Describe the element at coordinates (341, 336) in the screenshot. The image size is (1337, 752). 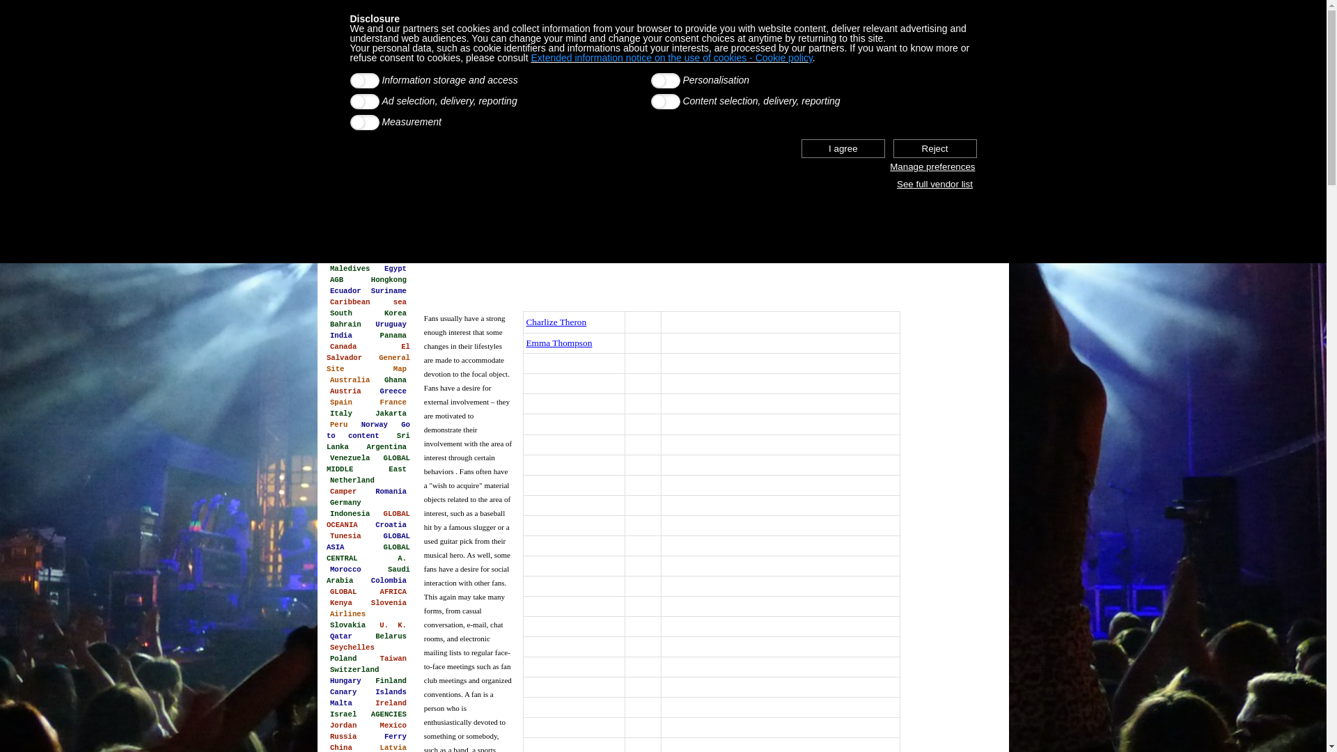
I see `'India'` at that location.